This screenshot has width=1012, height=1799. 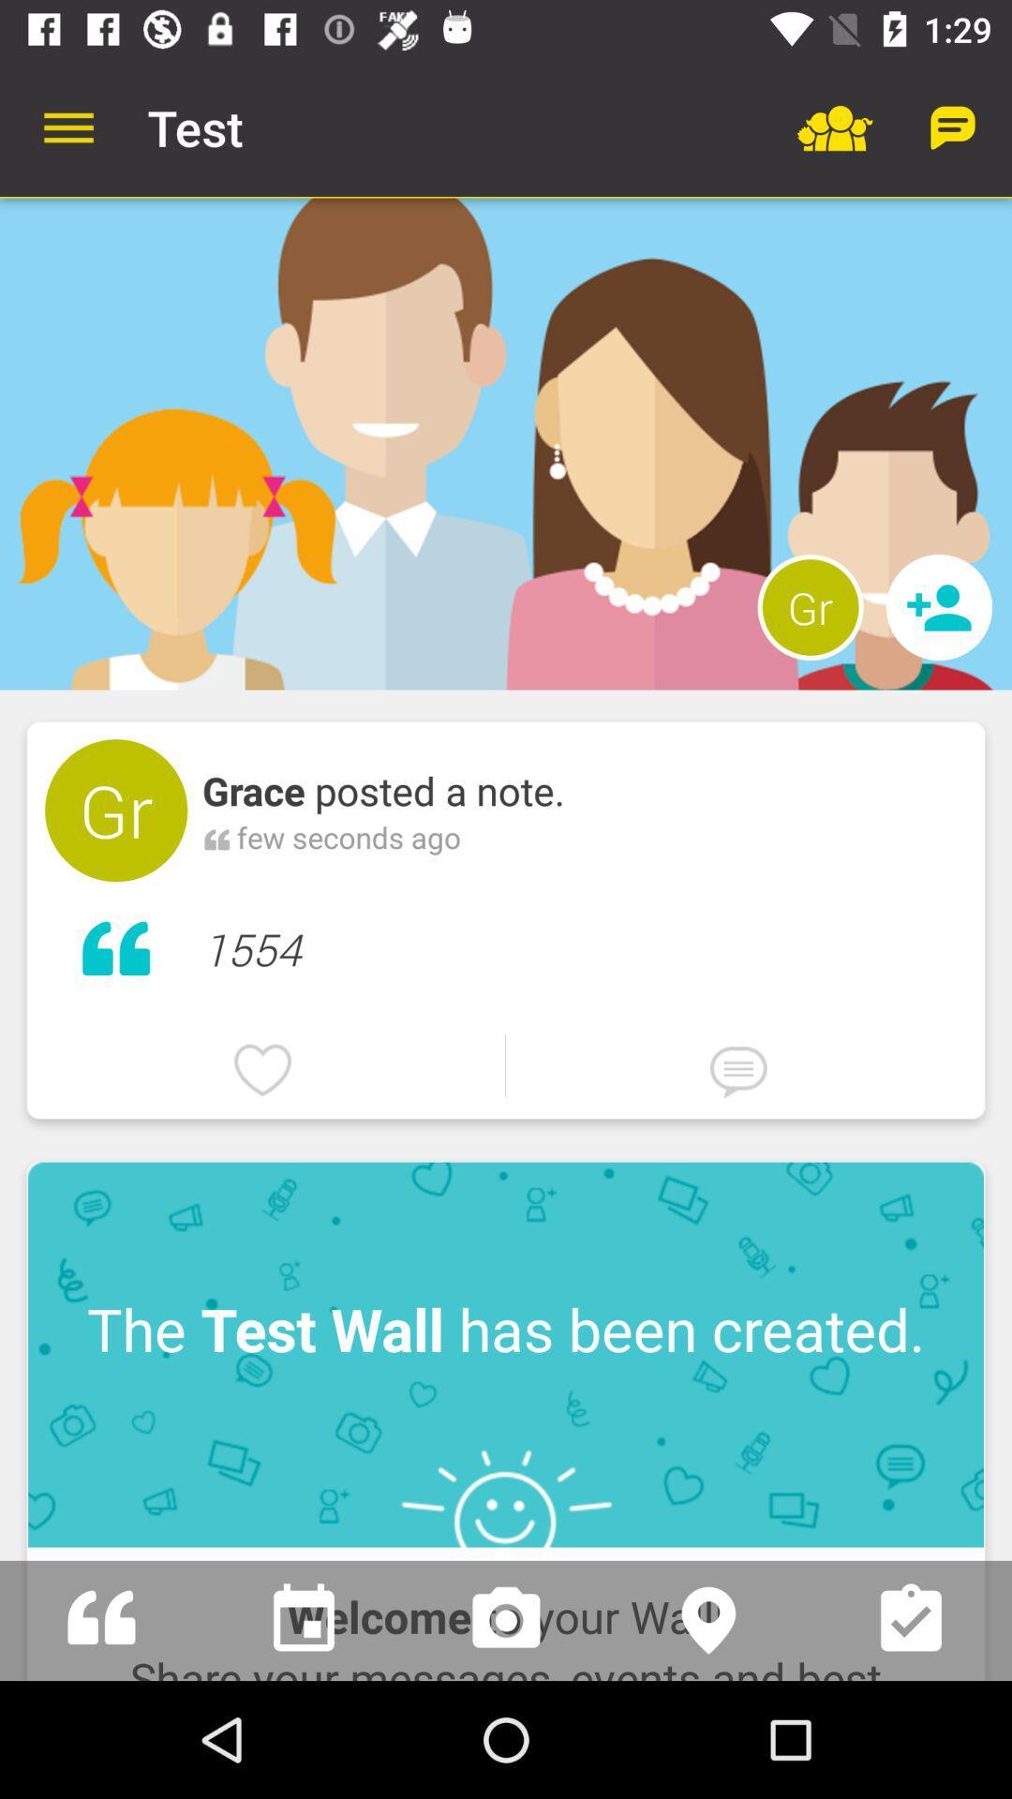 What do you see at coordinates (382, 790) in the screenshot?
I see `item above few seconds ago item` at bounding box center [382, 790].